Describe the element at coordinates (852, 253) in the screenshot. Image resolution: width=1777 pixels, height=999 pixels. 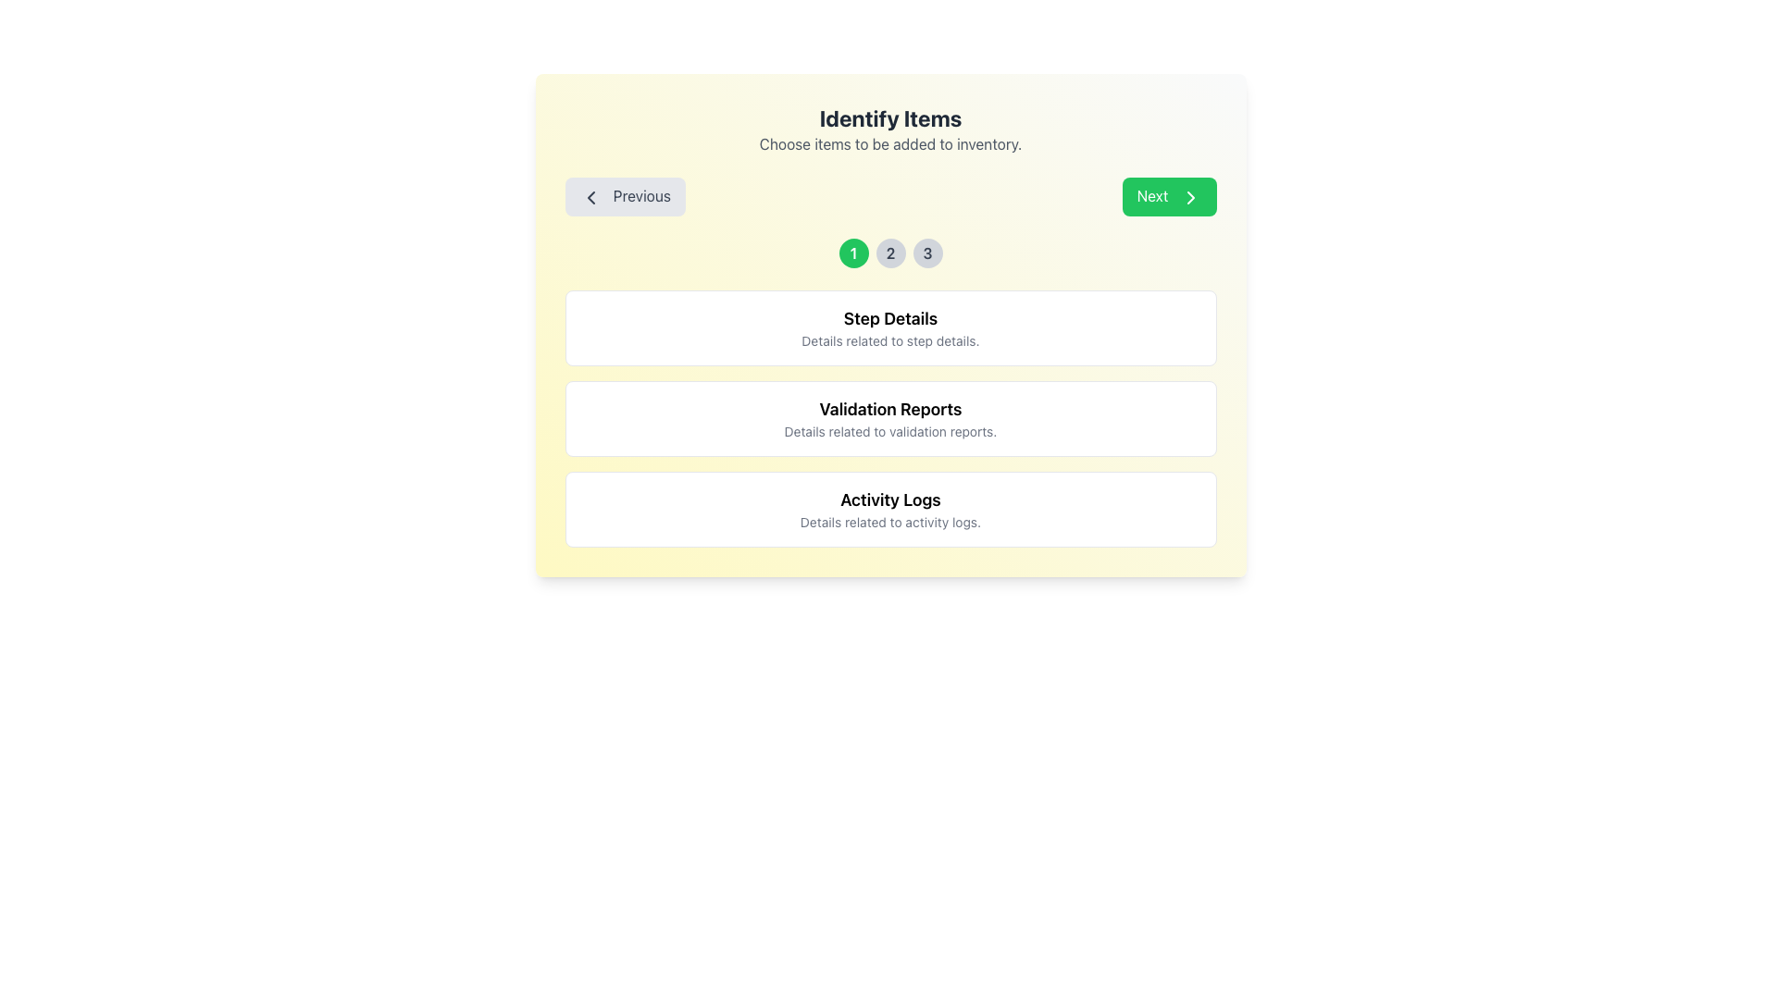
I see `the first circular button labeled '1' located under the title 'Identify Items'` at that location.